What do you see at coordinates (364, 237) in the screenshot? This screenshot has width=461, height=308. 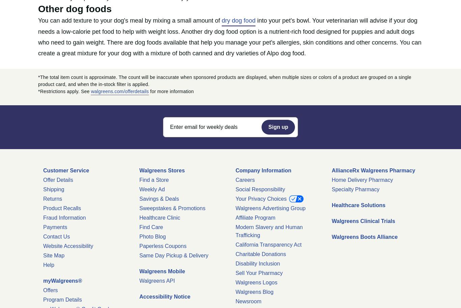 I see `'Walgreens Boots Alliance'` at bounding box center [364, 237].